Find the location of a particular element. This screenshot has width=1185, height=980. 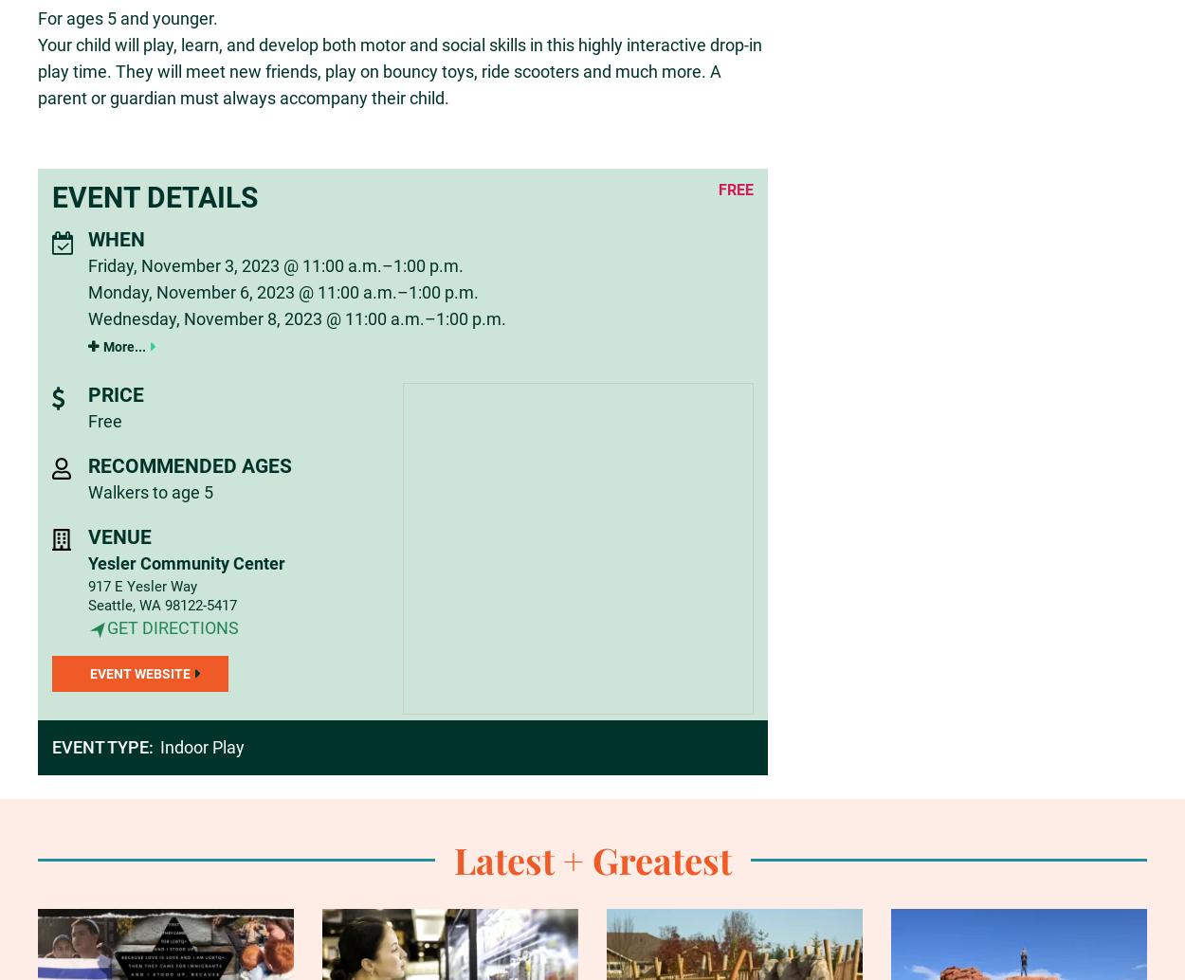

'917 E Yesler Way' is located at coordinates (86, 586).